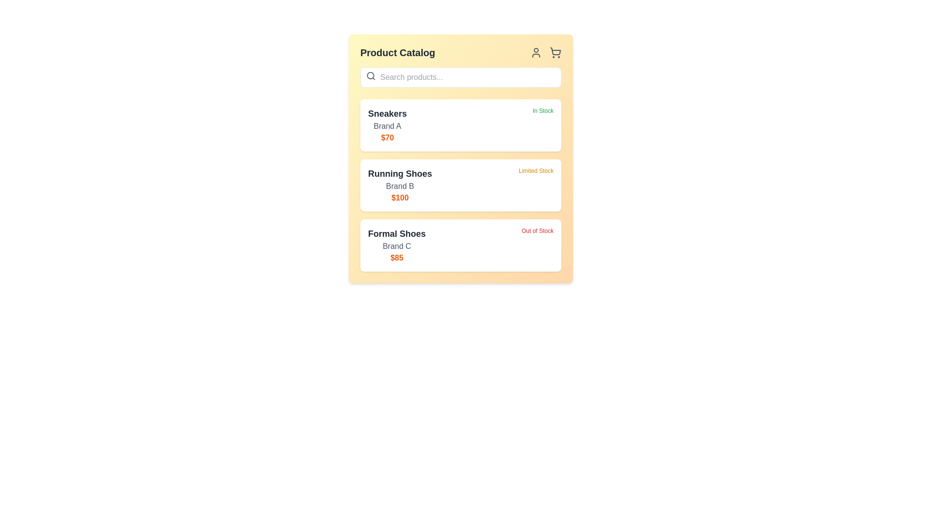 Image resolution: width=930 pixels, height=523 pixels. I want to click on the text element displaying 'Brand B', which is centrally aligned below the 'Running Shoes' title and above the price '$100', so click(400, 186).